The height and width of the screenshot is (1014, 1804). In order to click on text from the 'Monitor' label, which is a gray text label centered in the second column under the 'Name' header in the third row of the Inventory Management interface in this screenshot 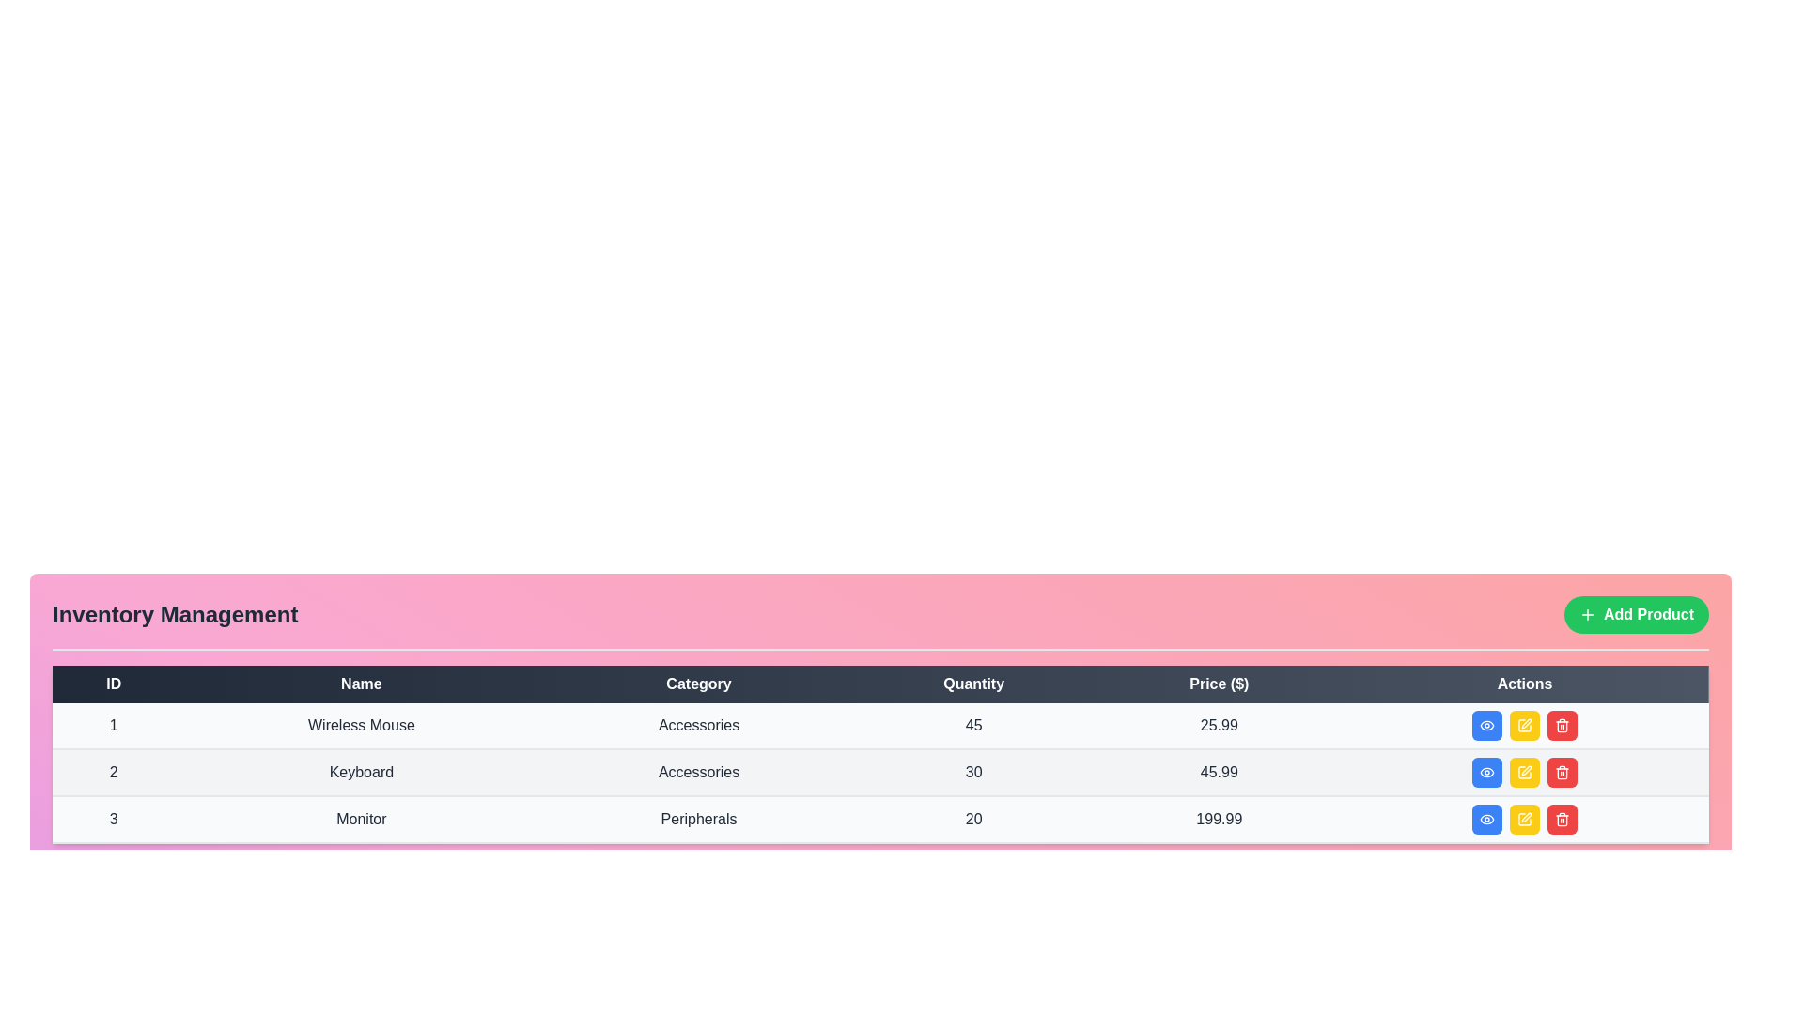, I will do `click(361, 818)`.